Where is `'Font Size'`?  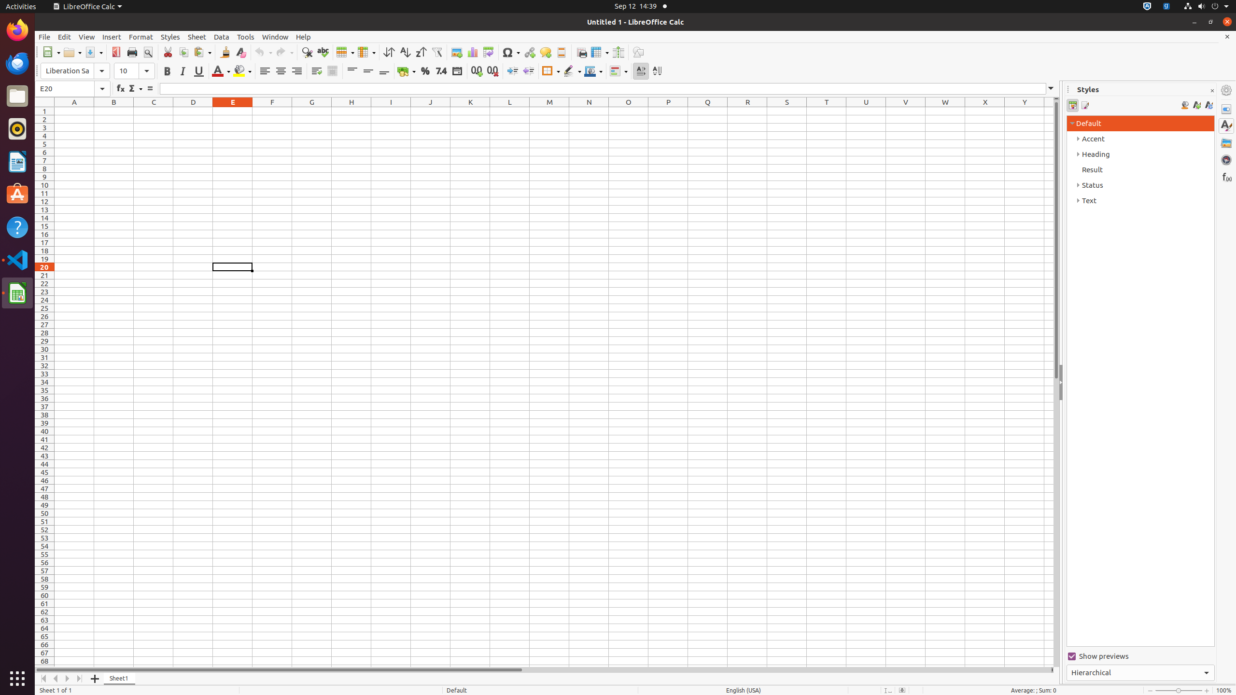
'Font Size' is located at coordinates (134, 70).